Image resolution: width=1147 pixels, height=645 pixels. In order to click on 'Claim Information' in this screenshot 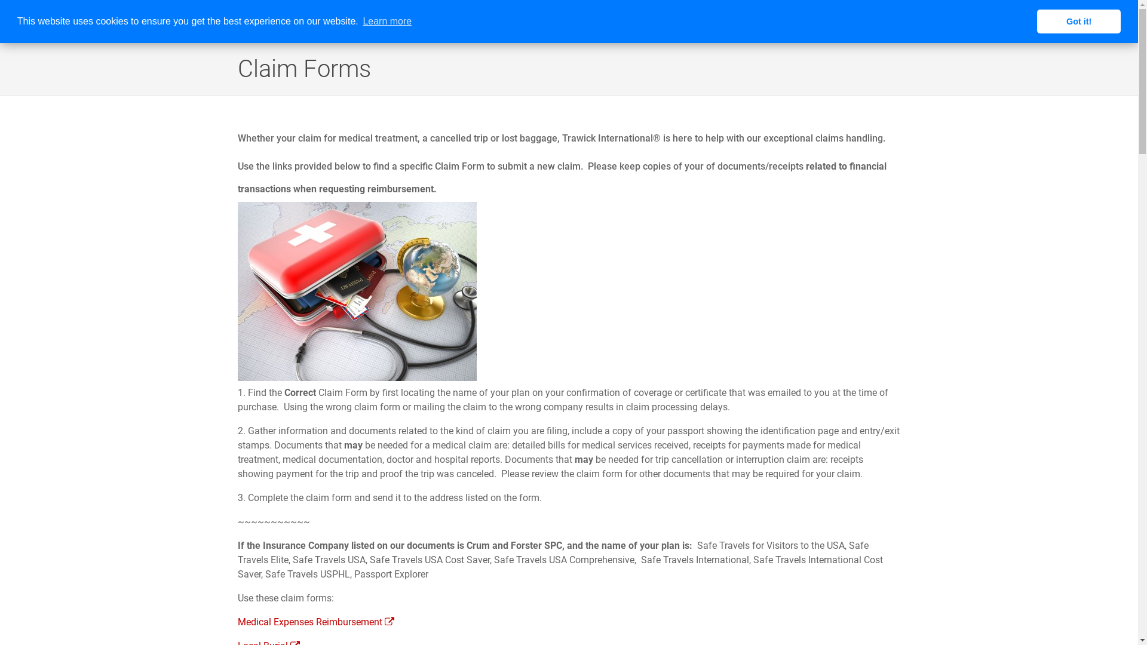, I will do `click(1006, 21)`.